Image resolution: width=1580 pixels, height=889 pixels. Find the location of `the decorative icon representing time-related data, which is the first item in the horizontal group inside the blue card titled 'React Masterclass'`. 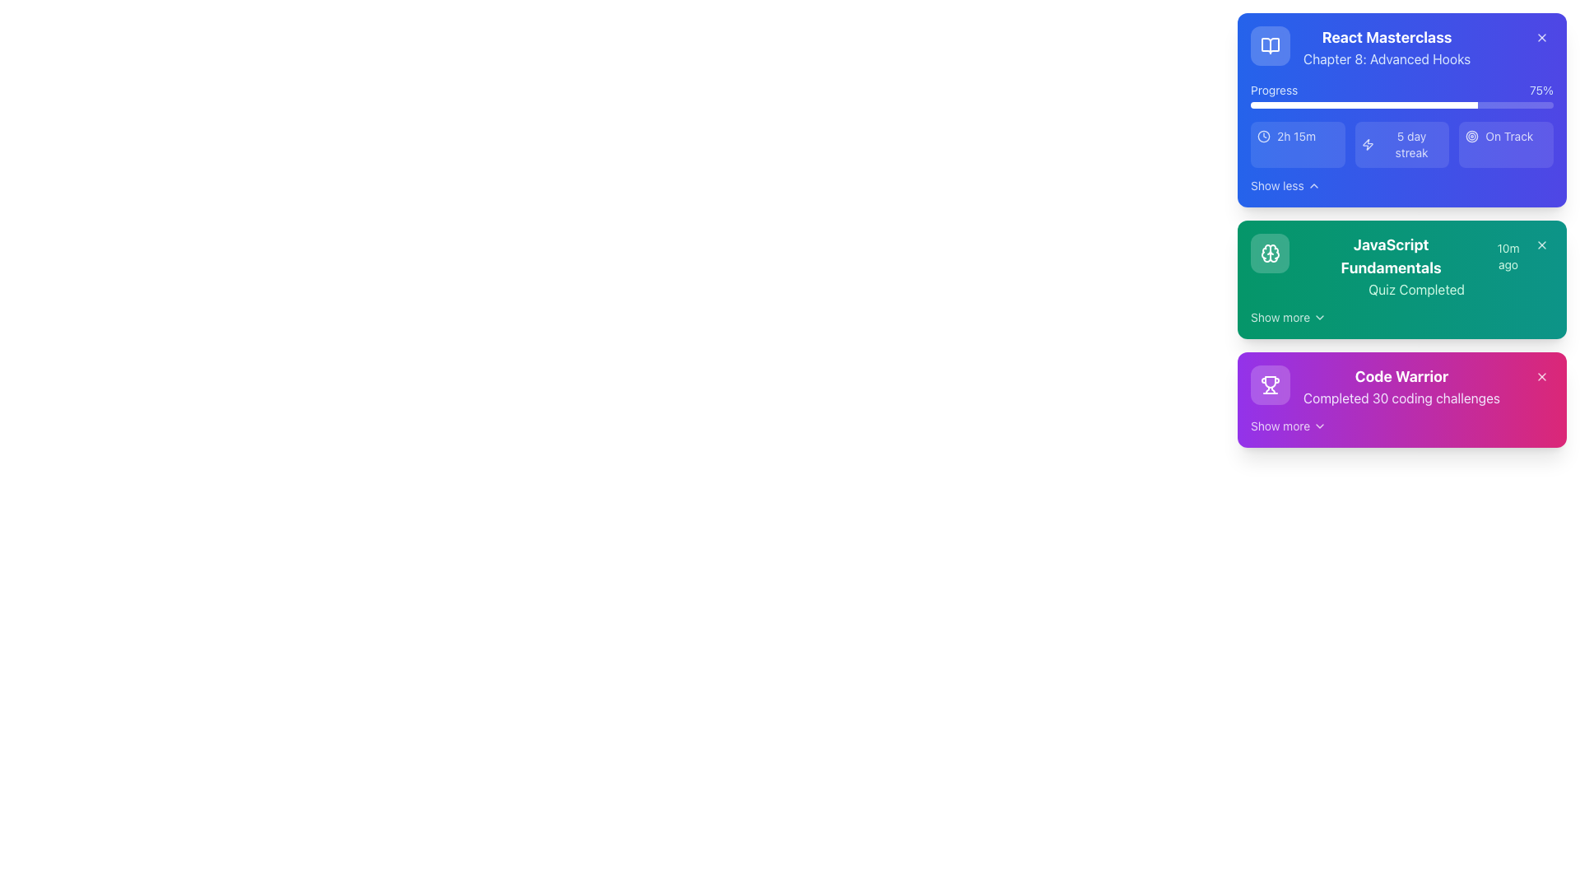

the decorative icon representing time-related data, which is the first item in the horizontal group inside the blue card titled 'React Masterclass' is located at coordinates (1263, 135).